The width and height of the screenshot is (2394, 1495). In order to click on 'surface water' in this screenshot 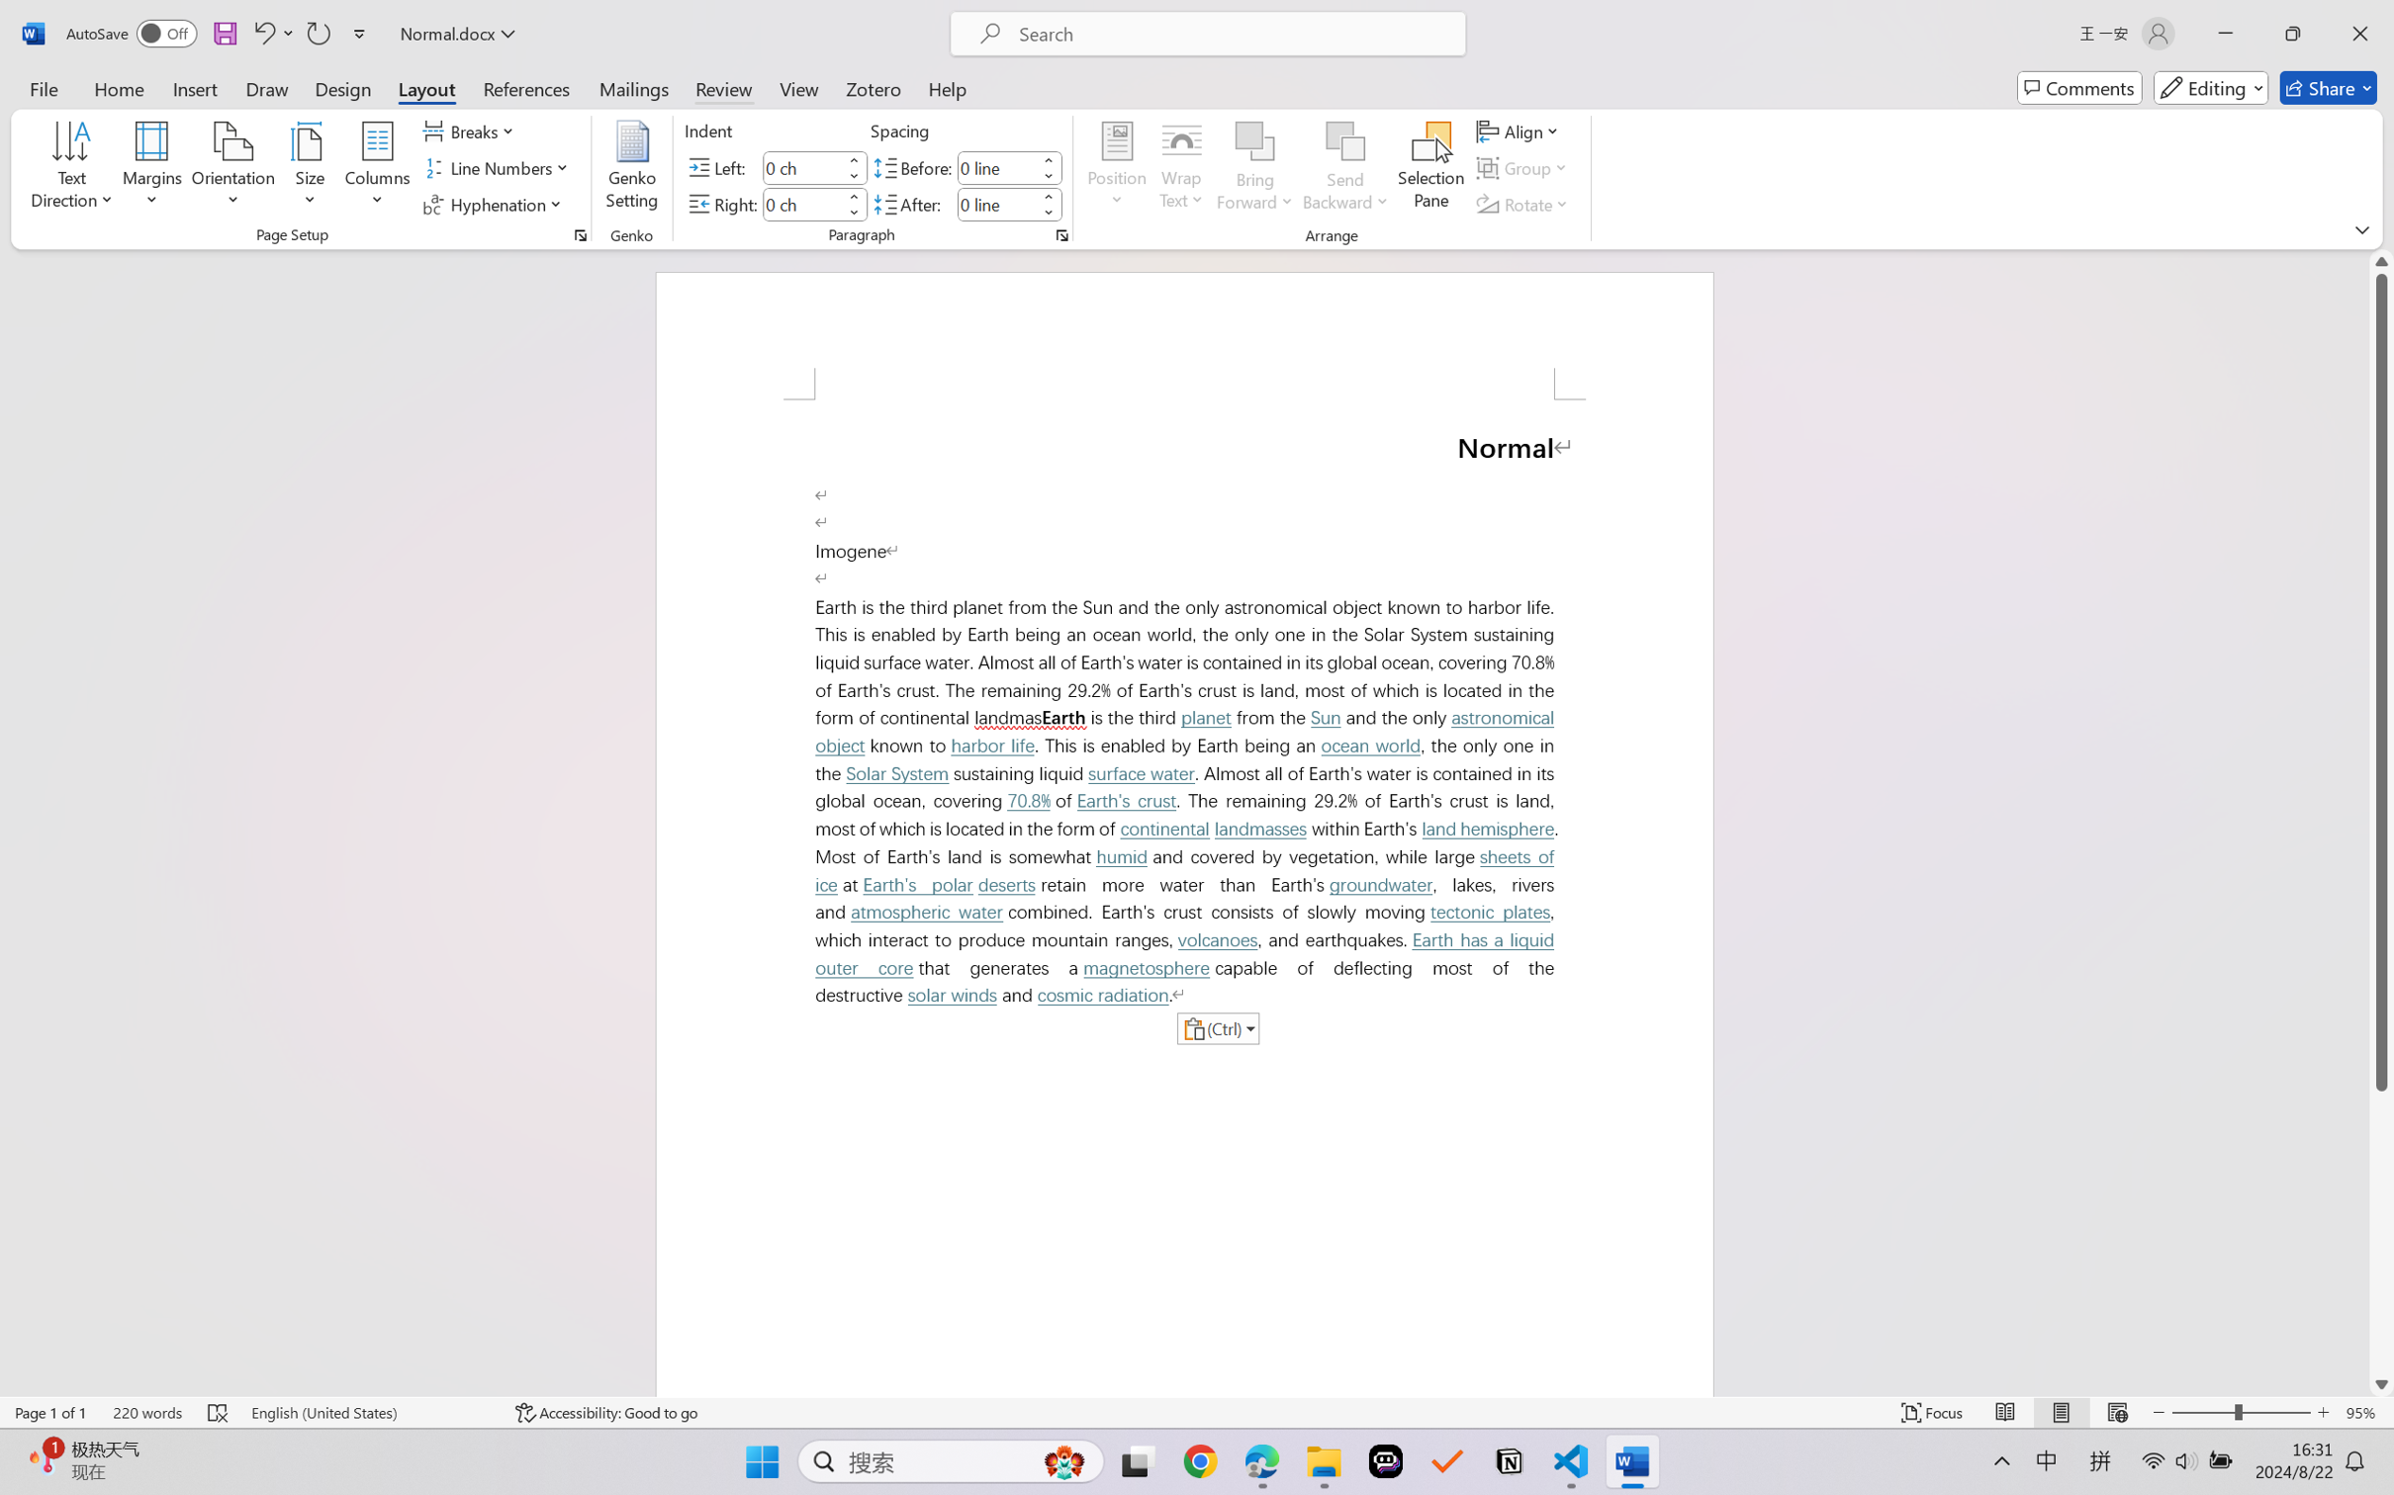, I will do `click(1142, 772)`.